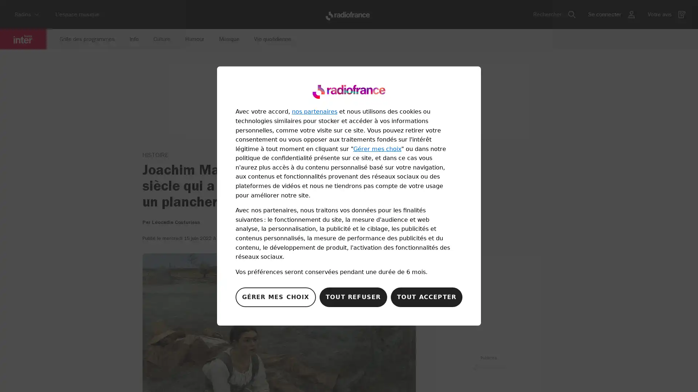 This screenshot has height=392, width=698. What do you see at coordinates (611, 14) in the screenshot?
I see `bouton utilisateur` at bounding box center [611, 14].